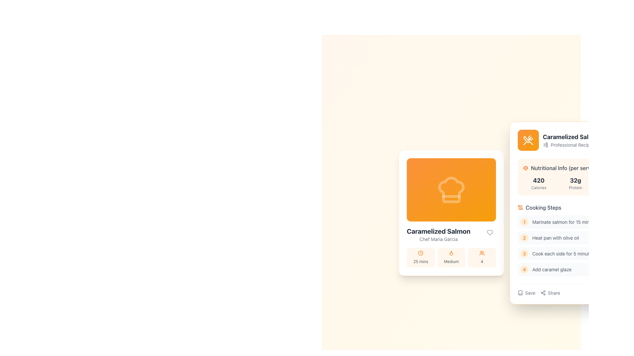 This screenshot has width=634, height=356. I want to click on the favorite icon located at the top-right corner of the recipe detail card to mark it as a favorite, so click(490, 232).